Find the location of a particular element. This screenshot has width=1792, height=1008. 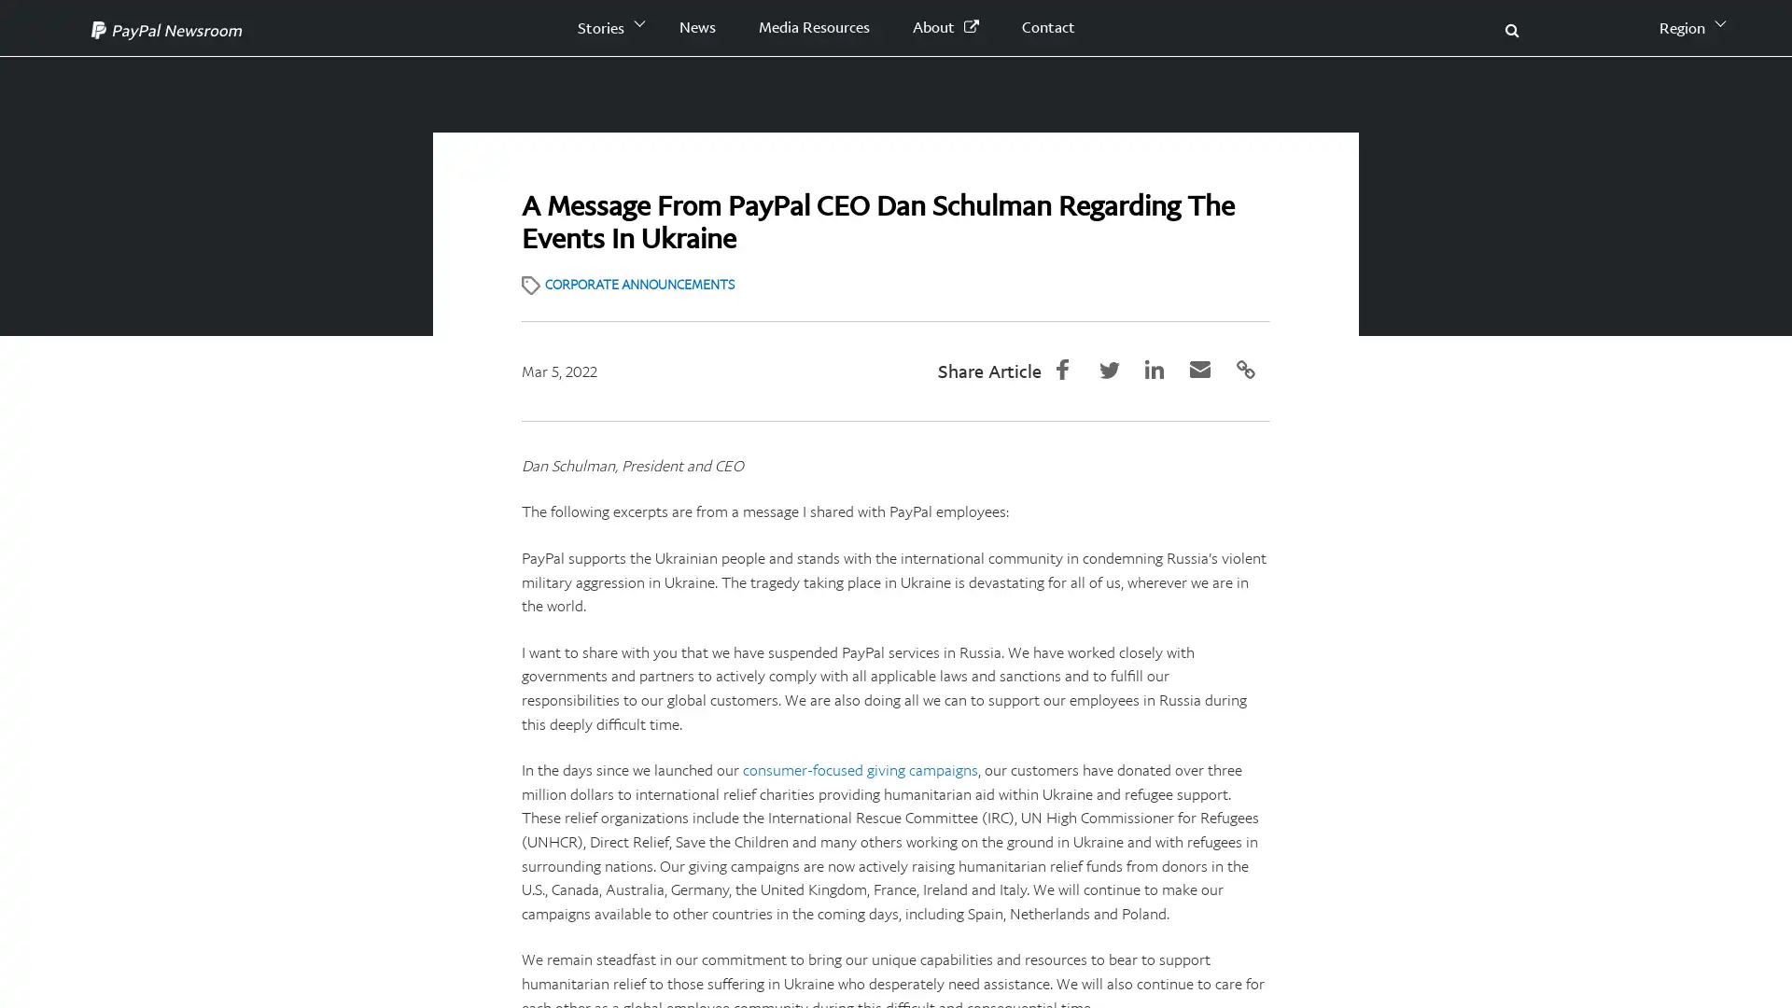

Share to LinkedIn is located at coordinates (1162, 368).